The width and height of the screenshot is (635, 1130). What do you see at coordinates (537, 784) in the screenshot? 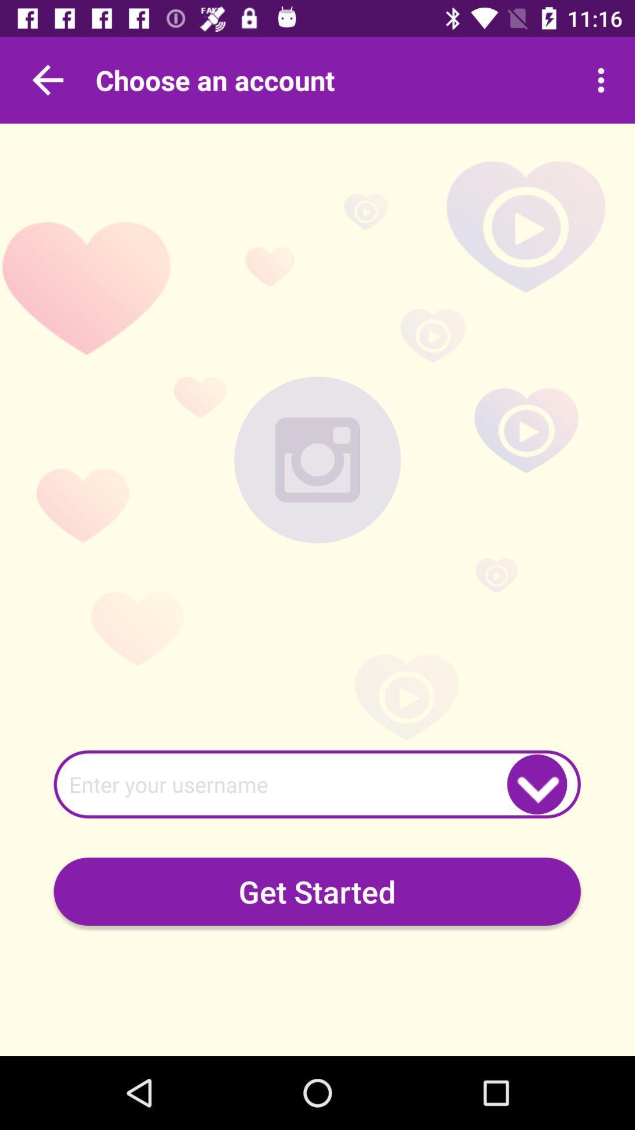
I see `the arrow_downward icon` at bounding box center [537, 784].